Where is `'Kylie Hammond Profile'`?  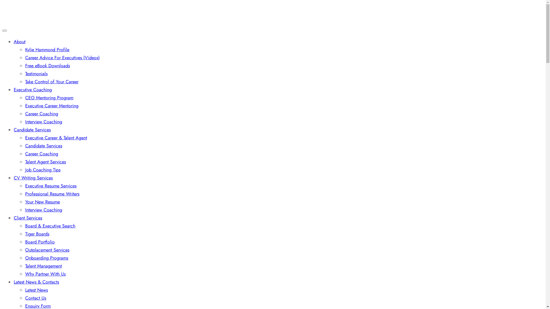
'Kylie Hammond Profile' is located at coordinates (47, 49).